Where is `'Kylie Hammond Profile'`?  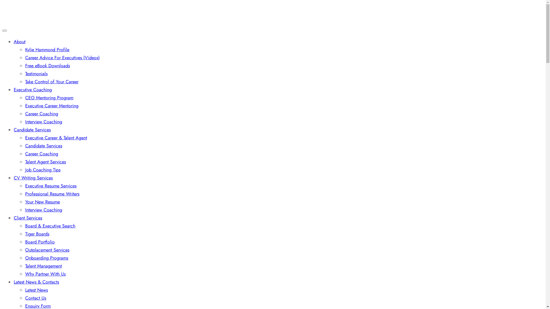
'Kylie Hammond Profile' is located at coordinates (47, 49).